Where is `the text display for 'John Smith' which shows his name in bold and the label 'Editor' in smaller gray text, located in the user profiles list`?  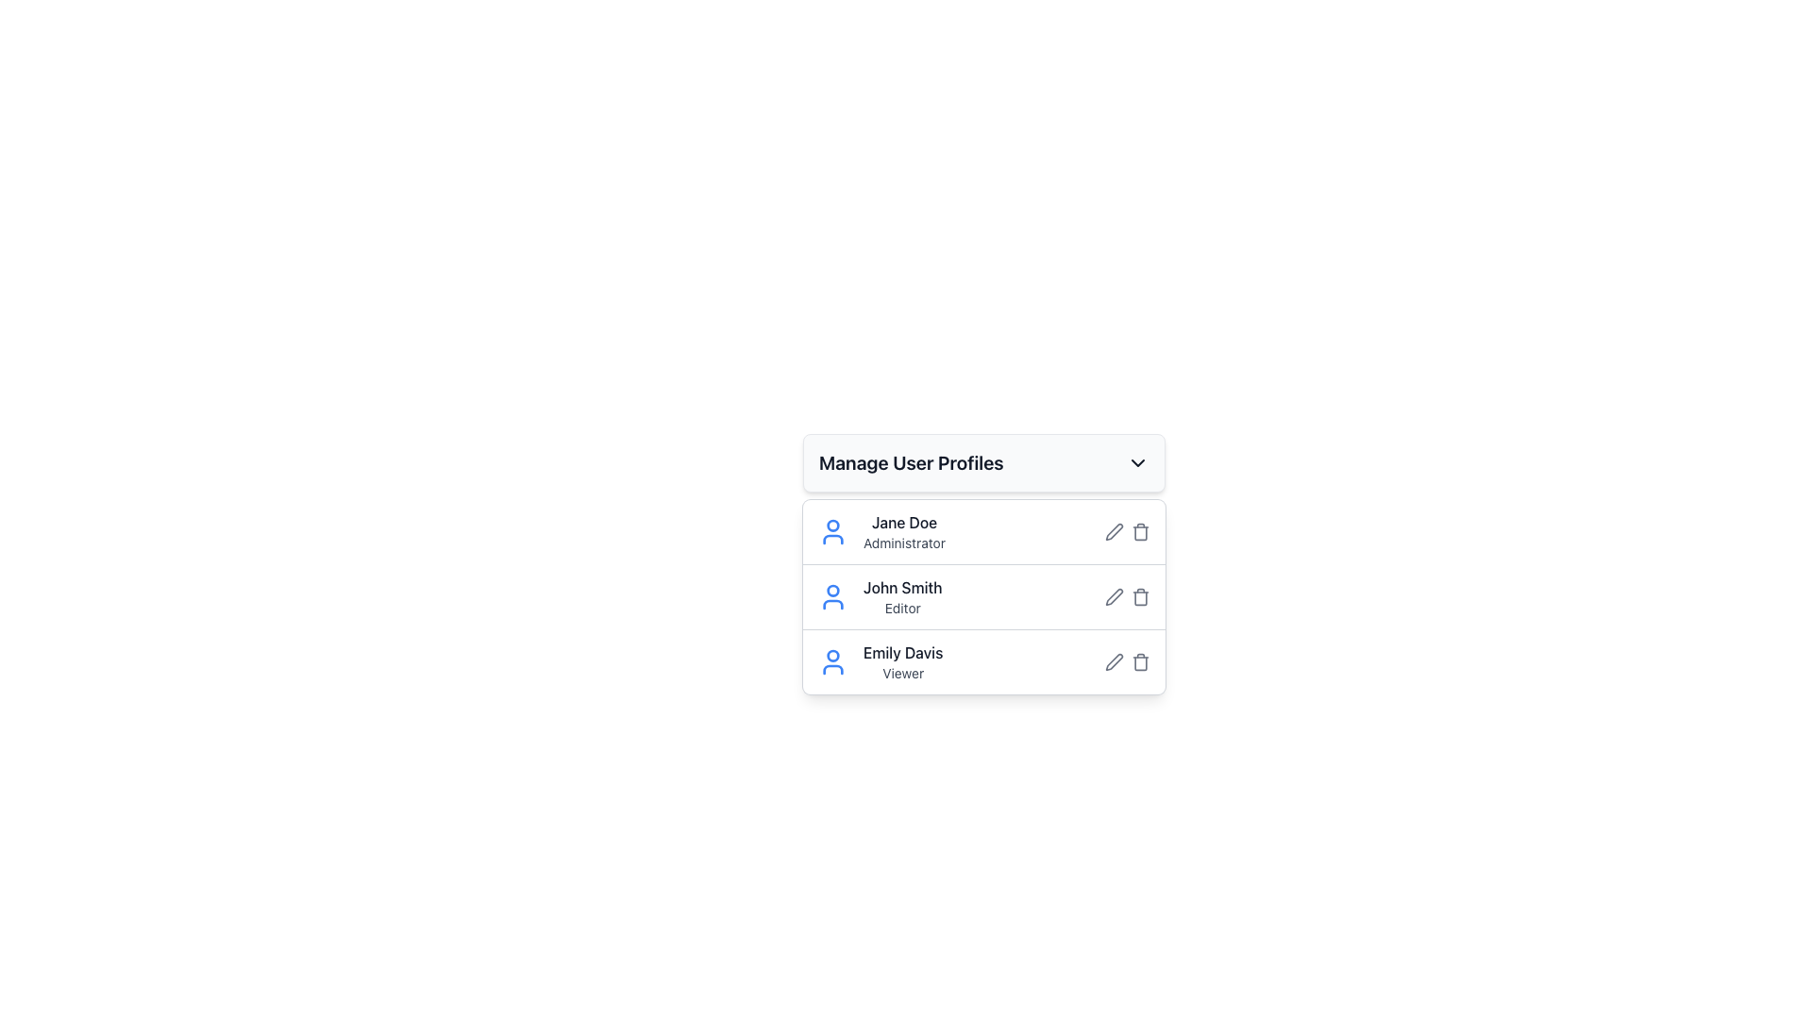 the text display for 'John Smith' which shows his name in bold and the label 'Editor' in smaller gray text, located in the user profiles list is located at coordinates (901, 596).